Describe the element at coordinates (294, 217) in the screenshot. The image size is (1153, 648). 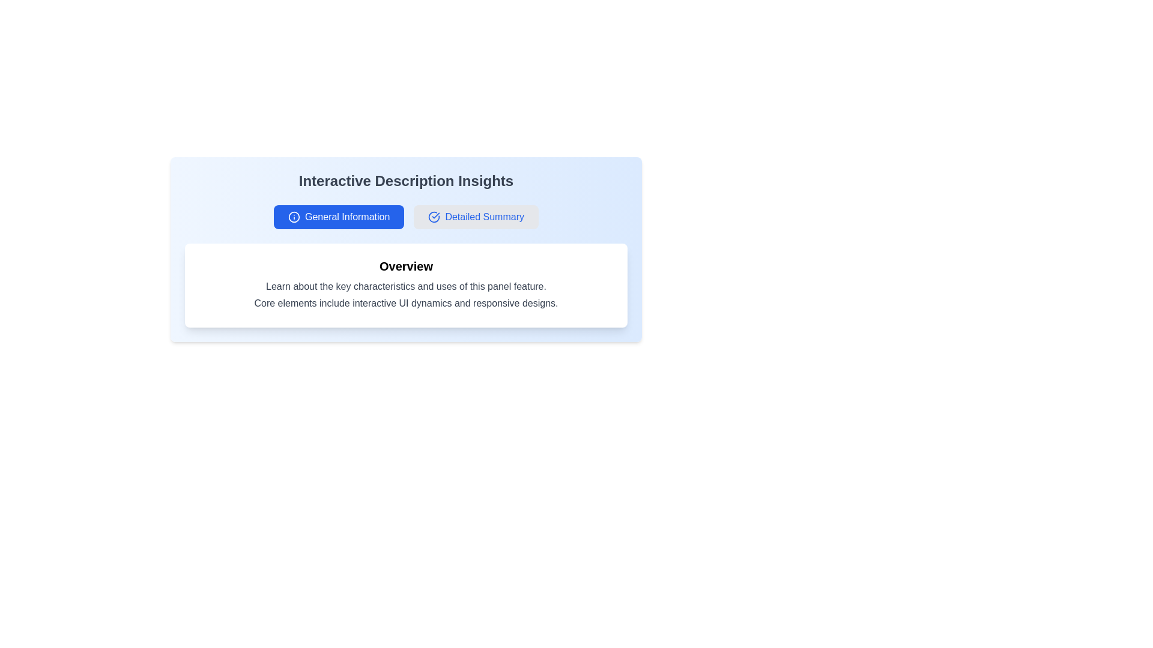
I see `the SVG circle with a blue outline and white interior, which is part of the information icon located to the left of the 'General Information' text label` at that location.